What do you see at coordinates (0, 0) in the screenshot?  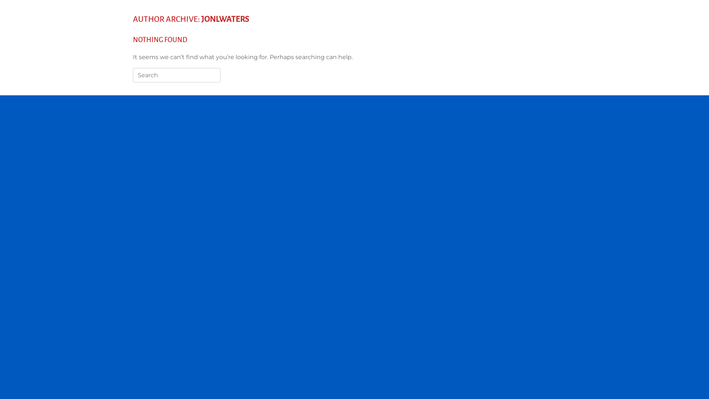 I see `'Skip to content'` at bounding box center [0, 0].